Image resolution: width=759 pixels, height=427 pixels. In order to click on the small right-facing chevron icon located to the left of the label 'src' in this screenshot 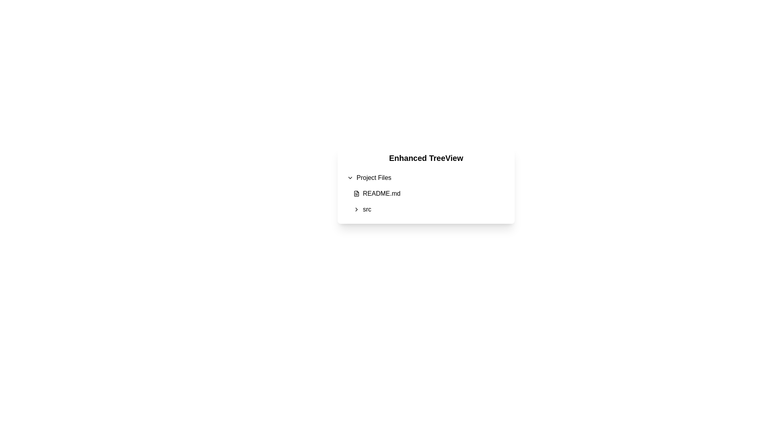, I will do `click(356, 209)`.